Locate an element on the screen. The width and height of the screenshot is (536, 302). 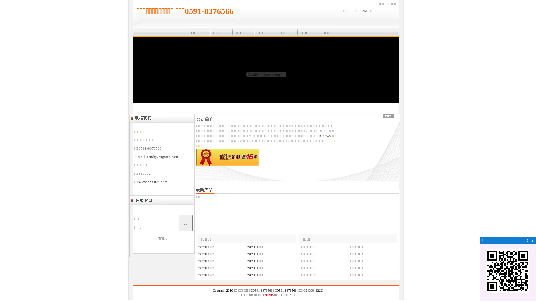
'www.cngates.com' is located at coordinates (153, 182).